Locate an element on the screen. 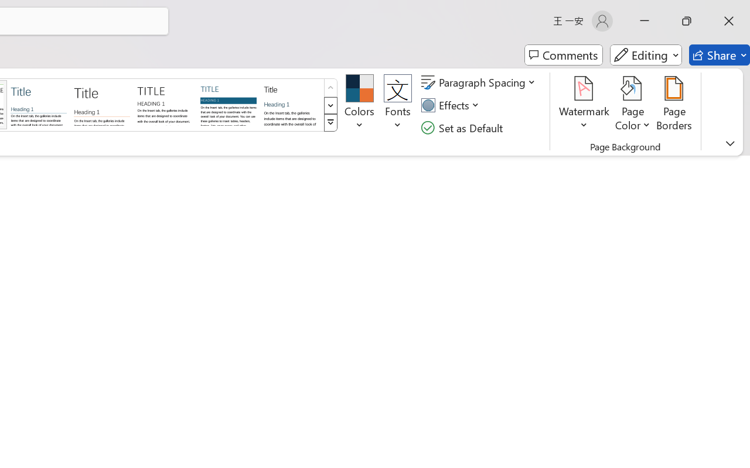 The image size is (750, 468). 'Minimalist' is located at coordinates (164, 104).